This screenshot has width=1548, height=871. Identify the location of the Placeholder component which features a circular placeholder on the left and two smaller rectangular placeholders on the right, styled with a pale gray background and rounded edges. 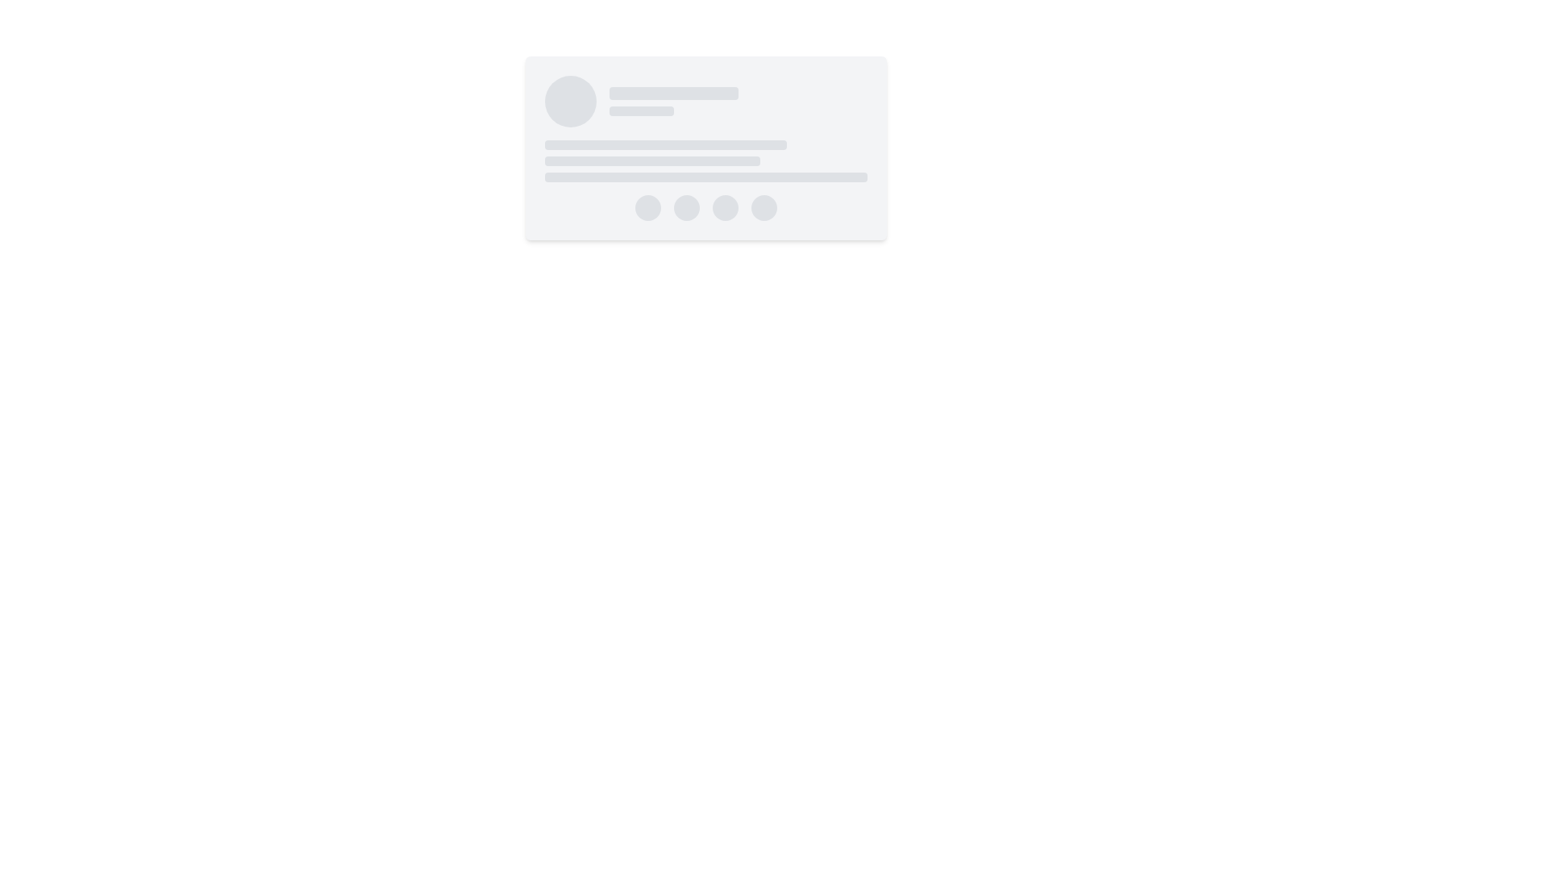
(705, 102).